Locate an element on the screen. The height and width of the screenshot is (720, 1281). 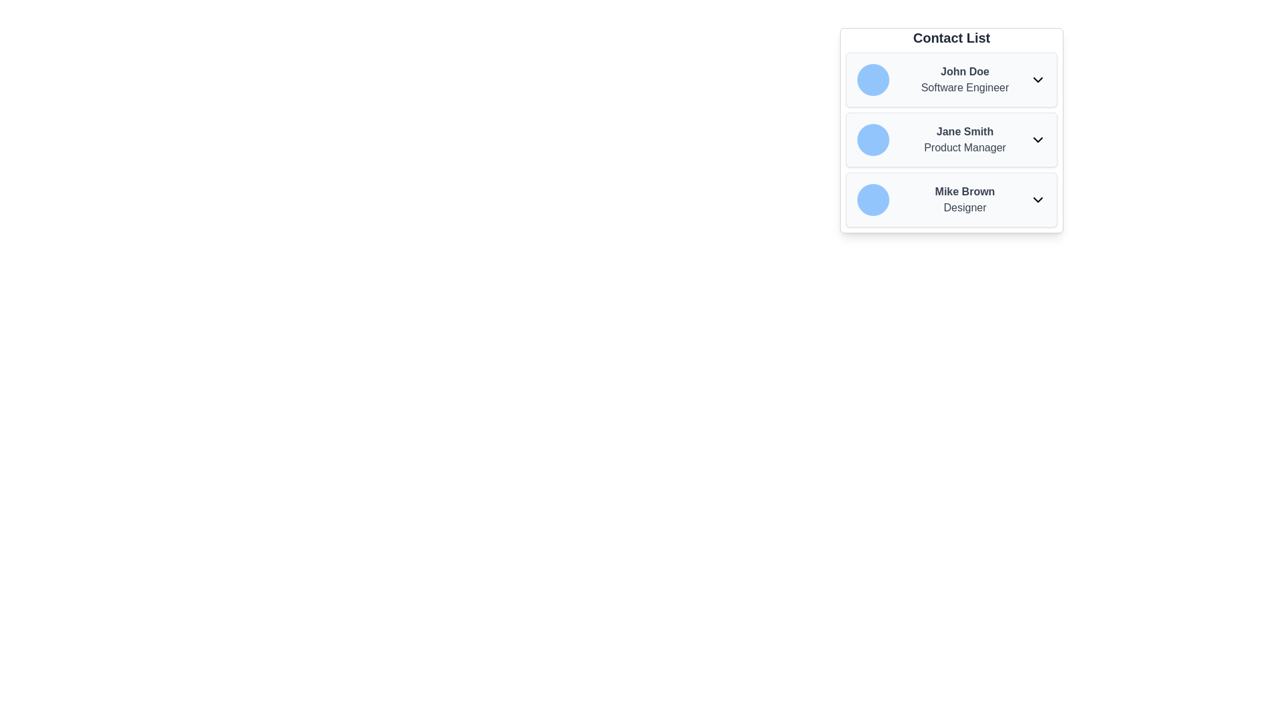
the text of the second contact list item for 'Jane Smith' is located at coordinates (951, 139).